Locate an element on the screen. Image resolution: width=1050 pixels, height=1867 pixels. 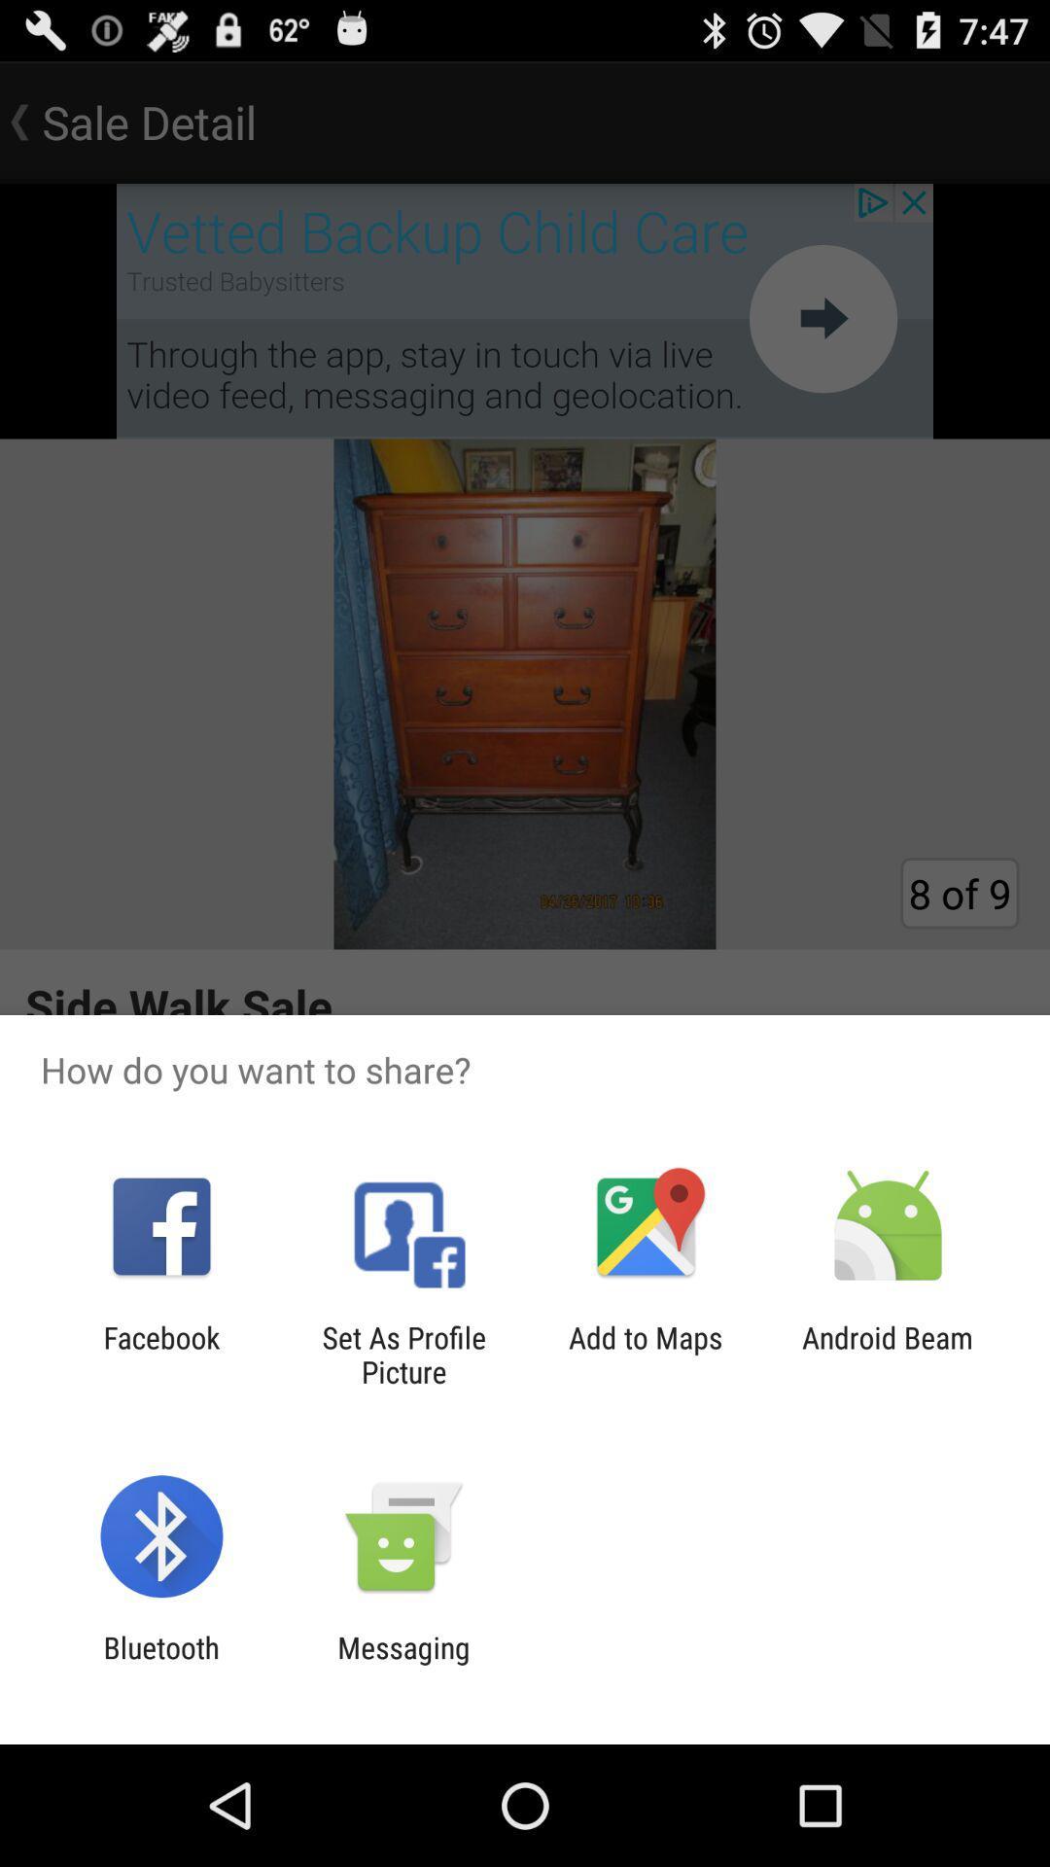
the item to the left of the android beam item is located at coordinates (646, 1354).